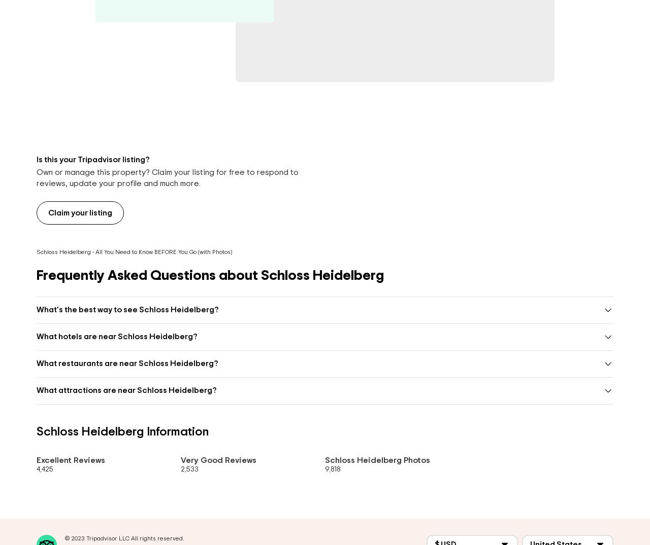 The image size is (650, 545). What do you see at coordinates (218, 460) in the screenshot?
I see `'Very Good Reviews'` at bounding box center [218, 460].